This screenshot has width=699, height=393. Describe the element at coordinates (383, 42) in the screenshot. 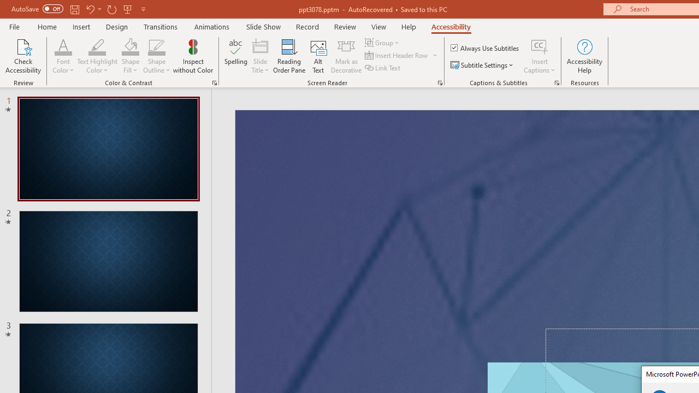

I see `'Group'` at that location.